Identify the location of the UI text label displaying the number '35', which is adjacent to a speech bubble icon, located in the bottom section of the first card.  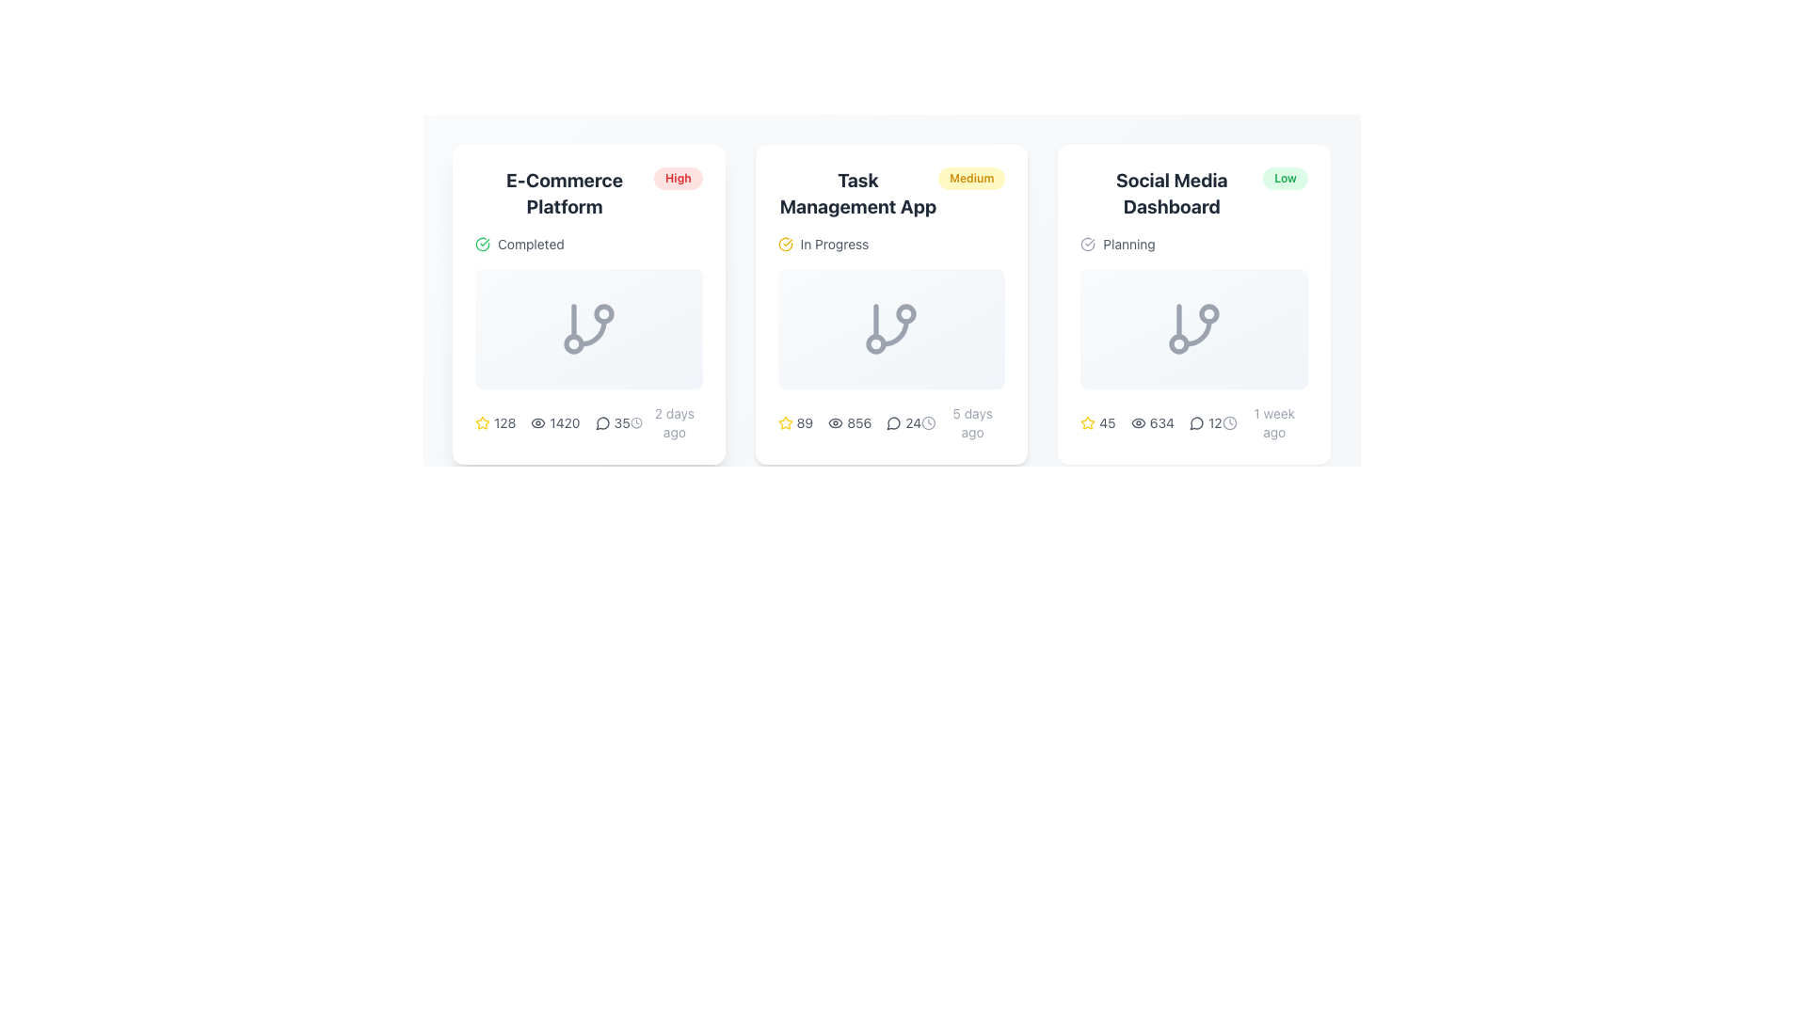
(613, 423).